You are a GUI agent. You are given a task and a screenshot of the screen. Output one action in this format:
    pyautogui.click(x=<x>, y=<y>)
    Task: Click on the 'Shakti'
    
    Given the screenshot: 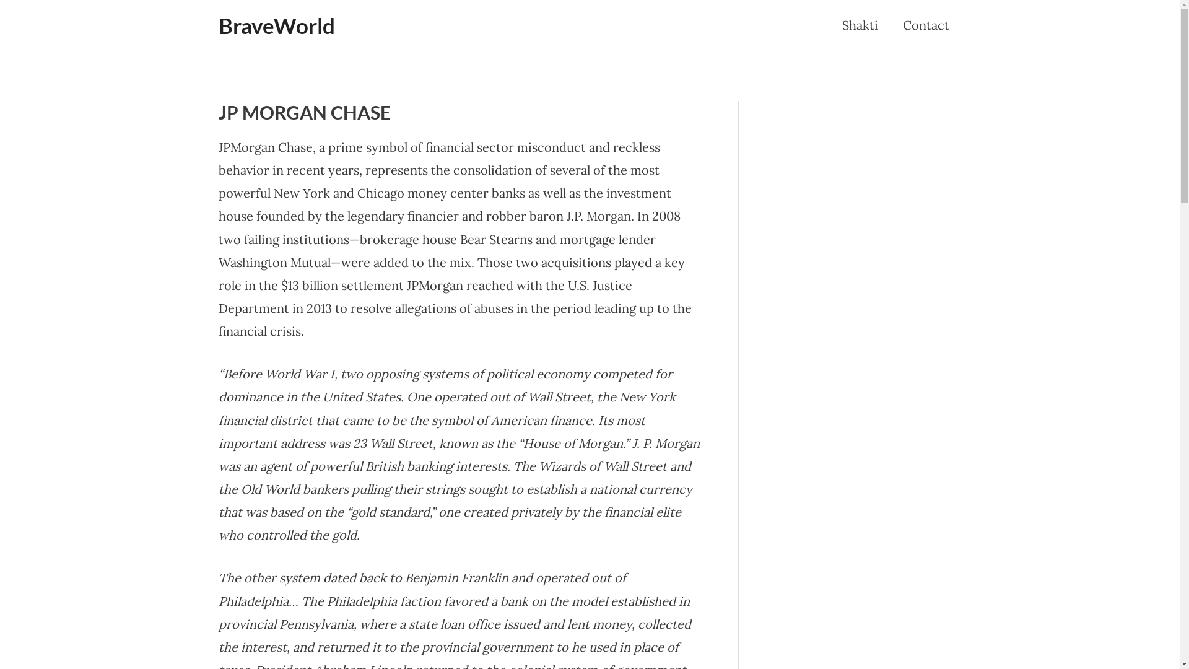 What is the action you would take?
    pyautogui.click(x=859, y=25)
    